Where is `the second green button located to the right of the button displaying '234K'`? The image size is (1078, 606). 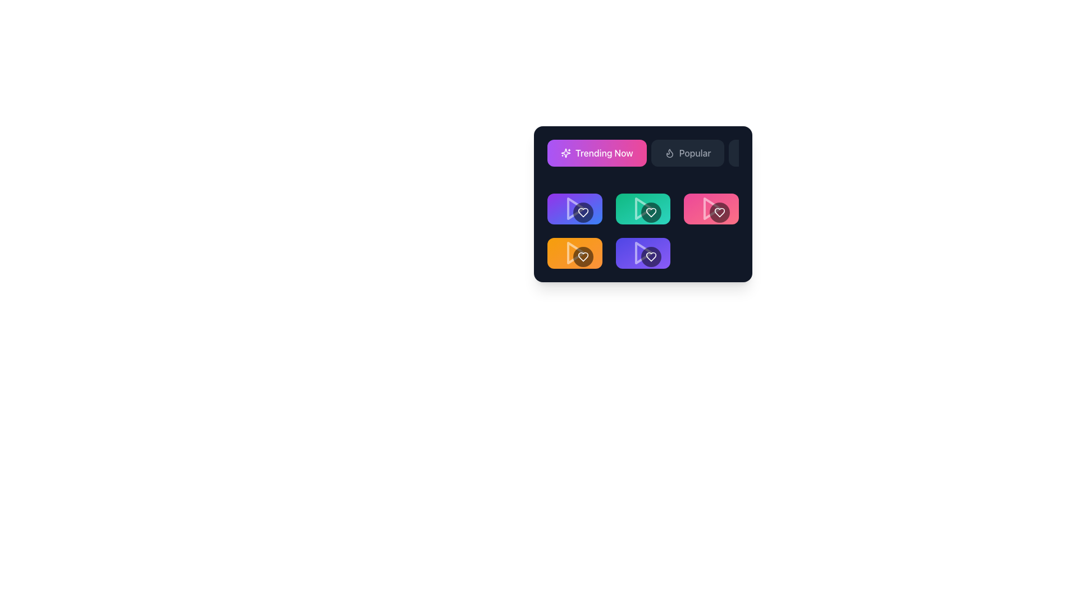
the second green button located to the right of the button displaying '234K' is located at coordinates (641, 204).